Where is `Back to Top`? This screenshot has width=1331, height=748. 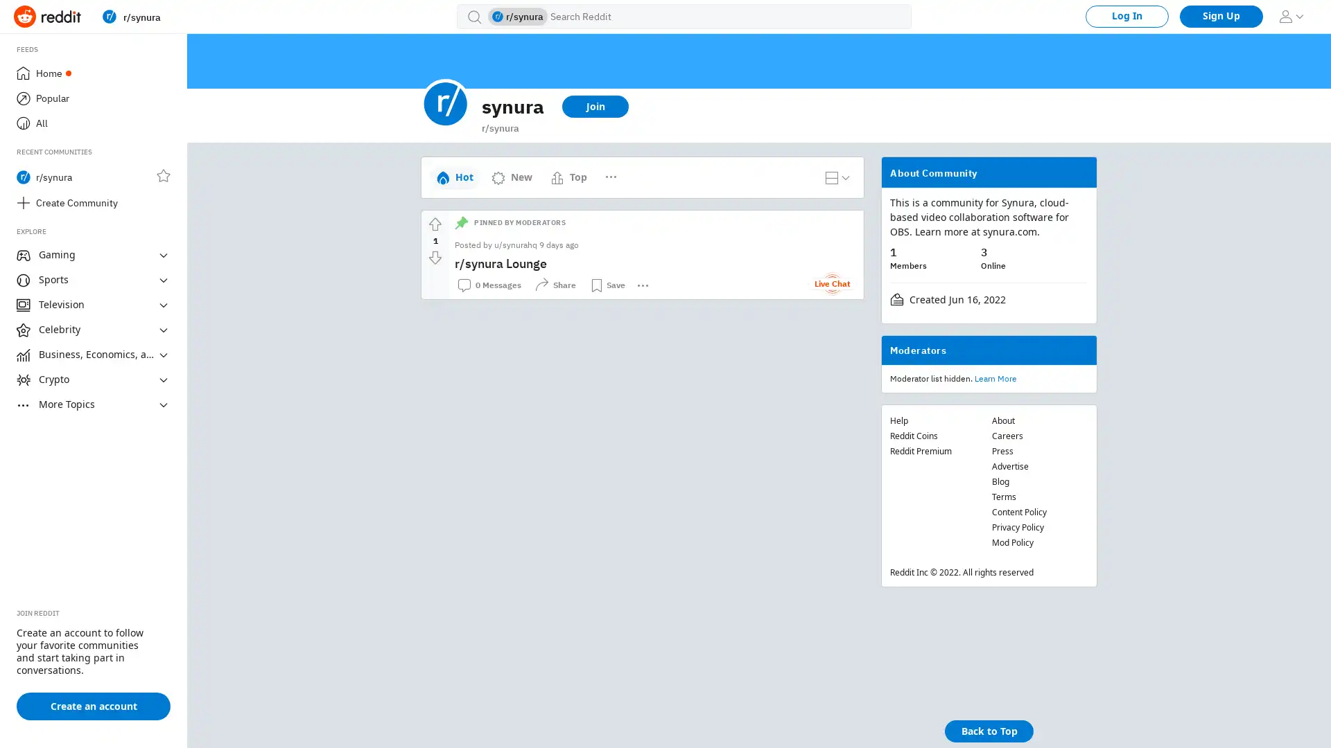 Back to Top is located at coordinates (988, 731).